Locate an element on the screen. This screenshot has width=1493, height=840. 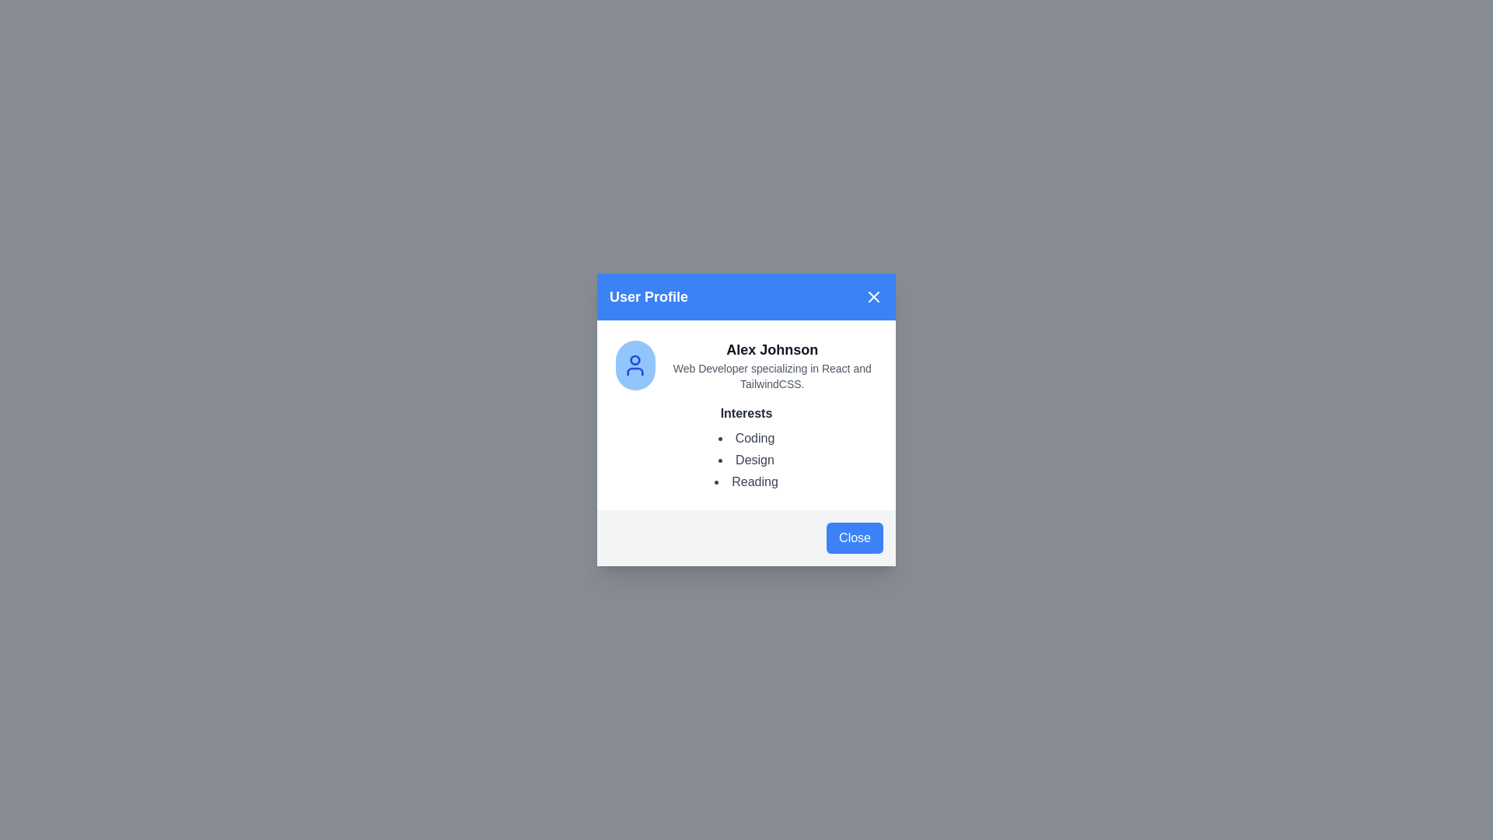
the text label displaying 'Interests', which is styled in bold, dark gray color and positioned centrally in the user profile section, directly below the user's name and description is located at coordinates (746, 413).